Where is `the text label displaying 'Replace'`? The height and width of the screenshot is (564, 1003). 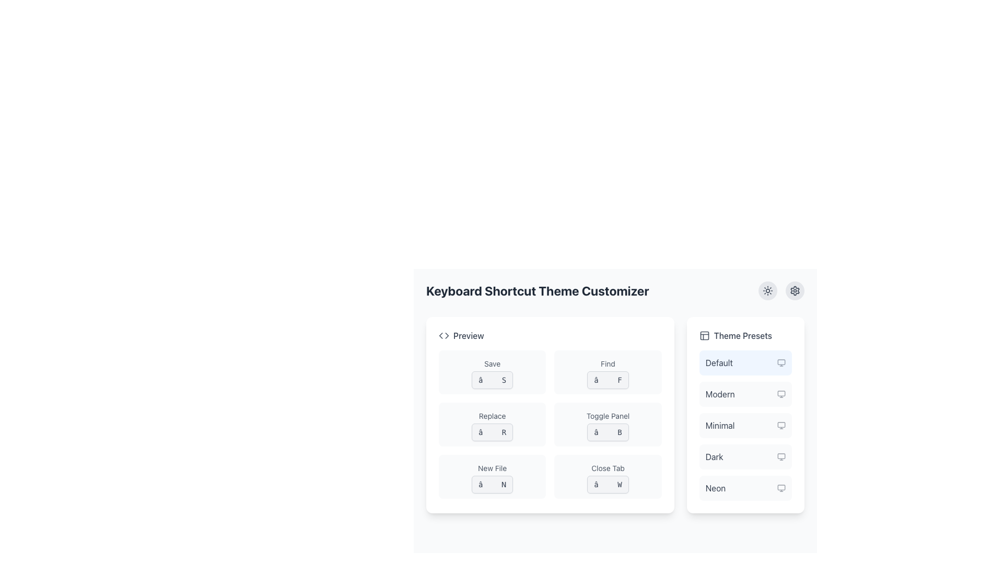 the text label displaying 'Replace' is located at coordinates (492, 416).